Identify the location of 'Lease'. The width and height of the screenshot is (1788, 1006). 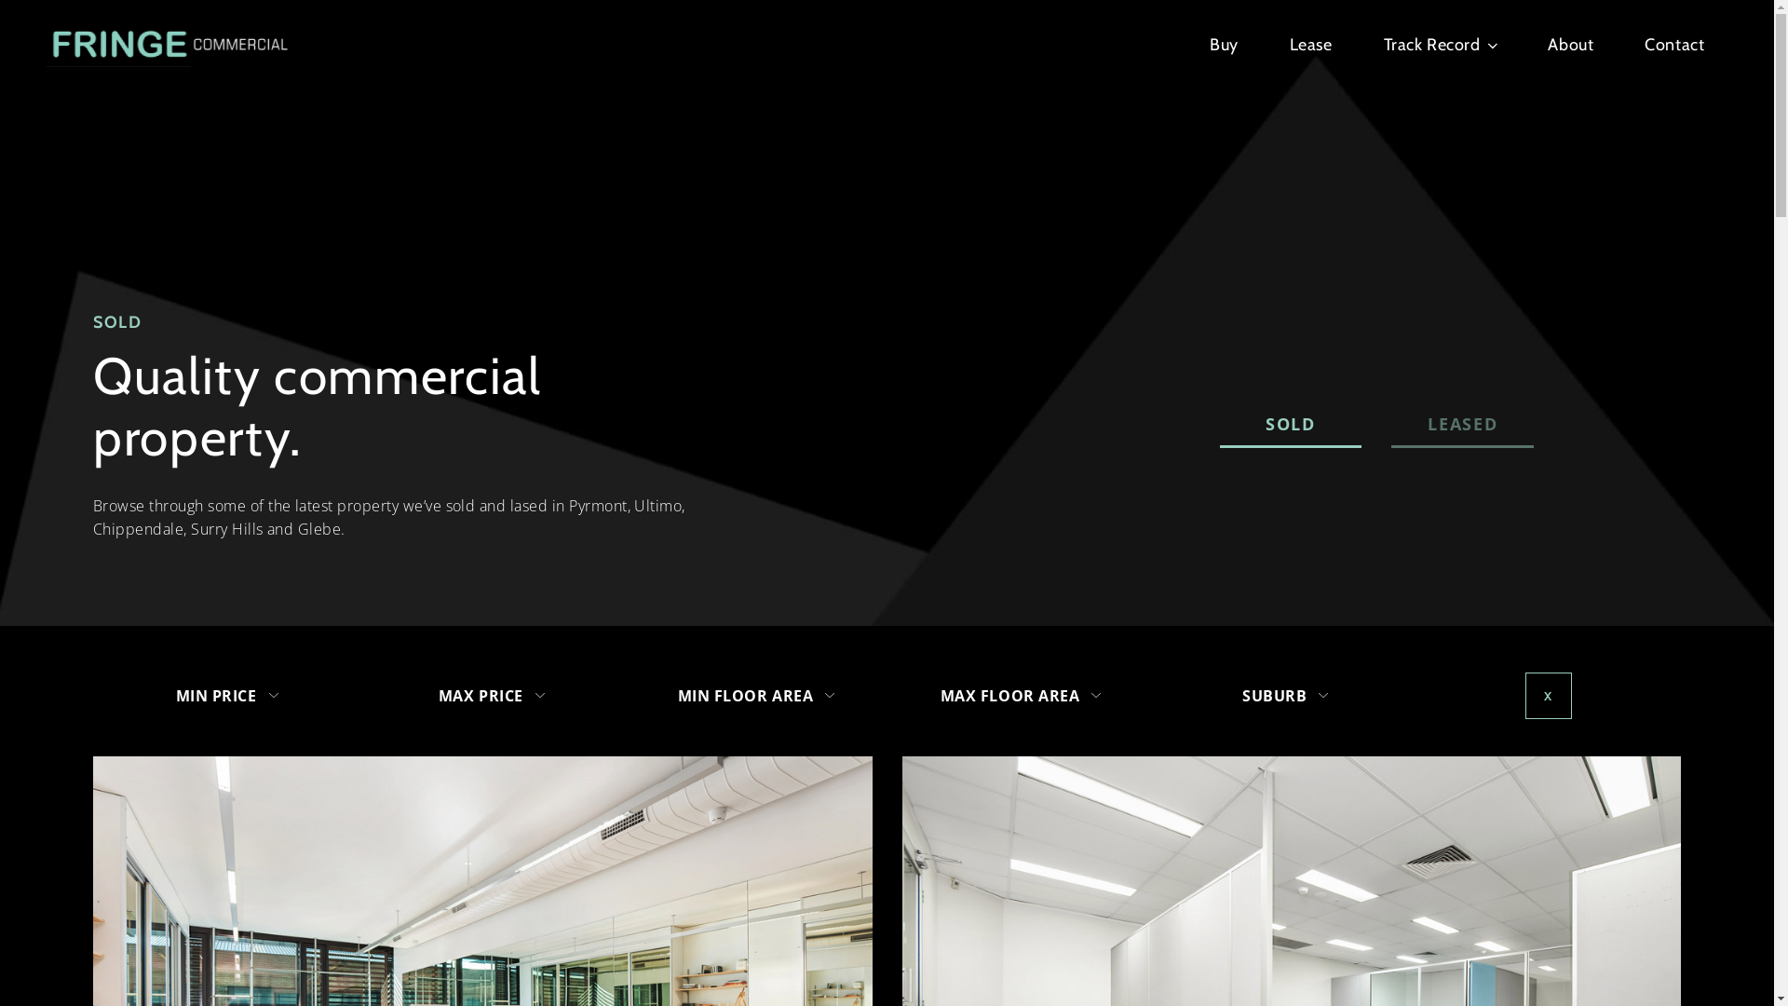
(1309, 44).